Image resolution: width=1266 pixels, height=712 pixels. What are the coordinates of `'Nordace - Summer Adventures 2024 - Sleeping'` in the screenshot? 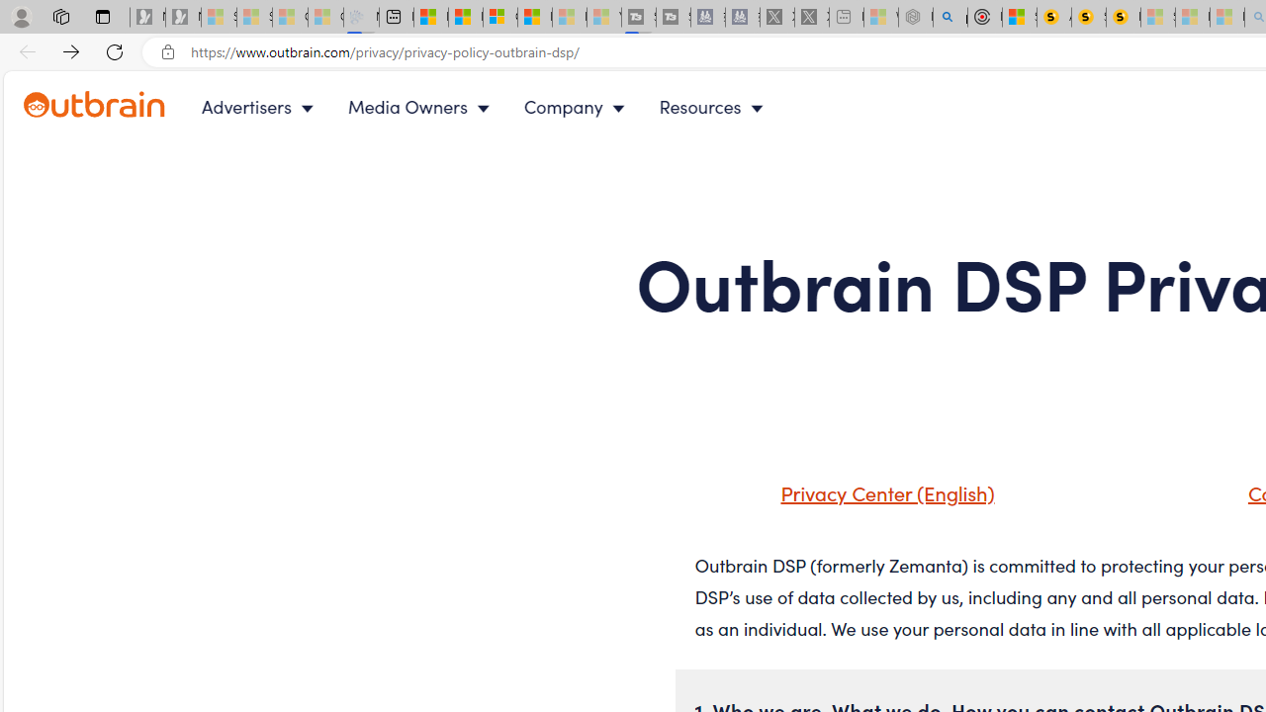 It's located at (915, 17).